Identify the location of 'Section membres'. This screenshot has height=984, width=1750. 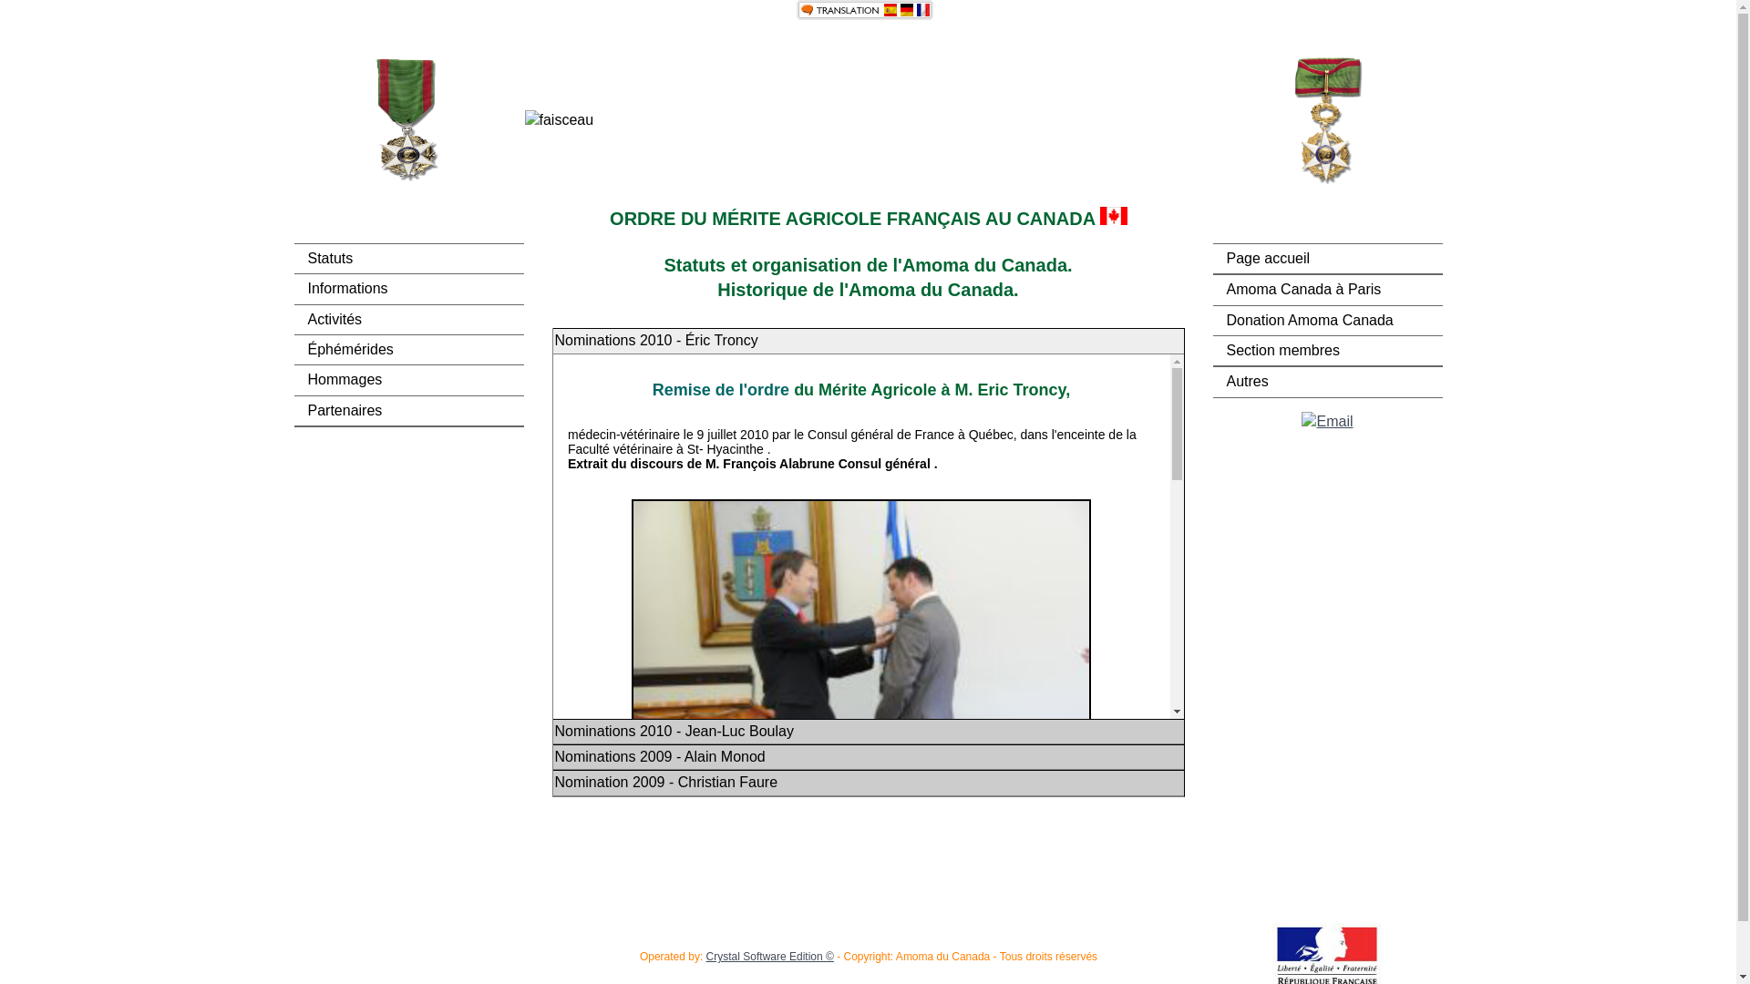
(1326, 351).